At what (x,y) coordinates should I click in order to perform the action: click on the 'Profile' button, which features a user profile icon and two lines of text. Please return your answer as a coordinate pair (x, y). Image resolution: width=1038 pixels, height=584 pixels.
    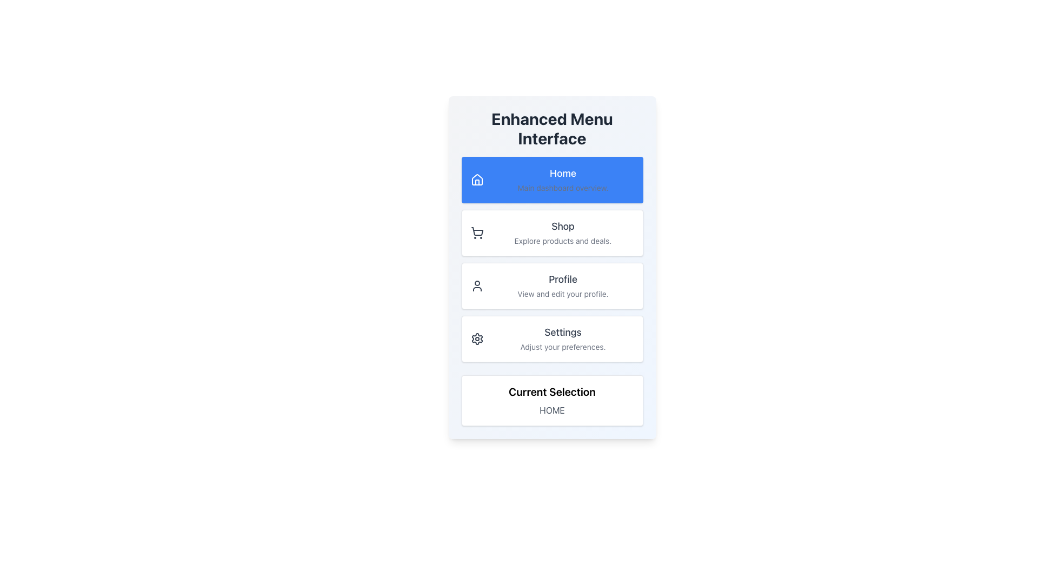
    Looking at the image, I should click on (552, 285).